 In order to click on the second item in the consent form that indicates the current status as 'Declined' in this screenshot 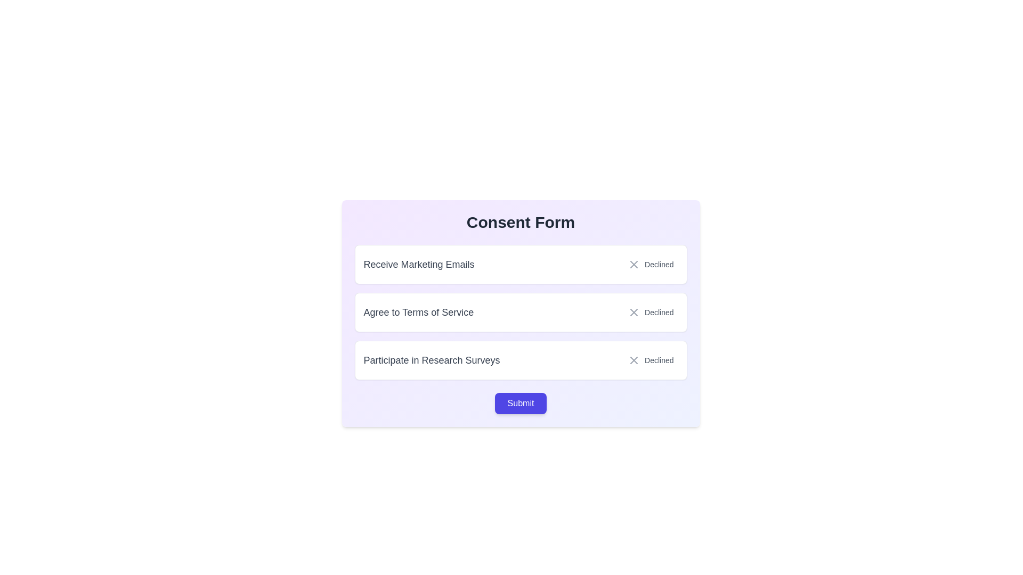, I will do `click(521, 311)`.